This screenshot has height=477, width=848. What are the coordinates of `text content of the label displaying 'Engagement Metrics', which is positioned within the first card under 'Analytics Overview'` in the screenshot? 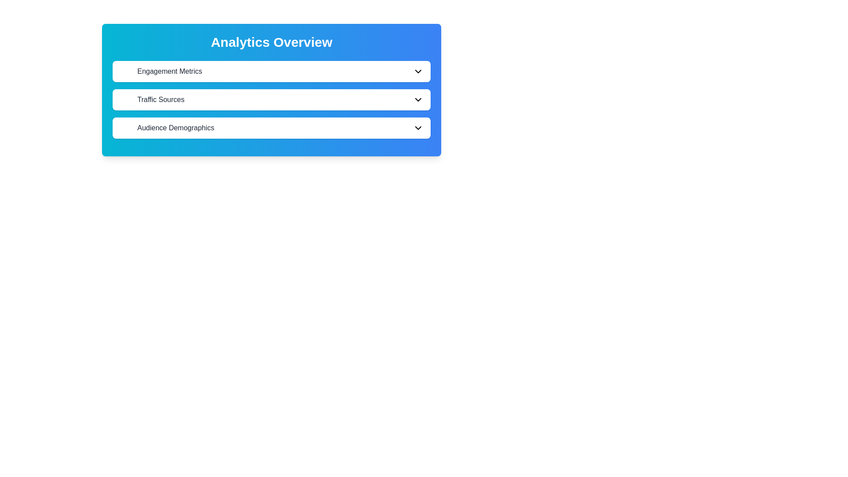 It's located at (161, 71).